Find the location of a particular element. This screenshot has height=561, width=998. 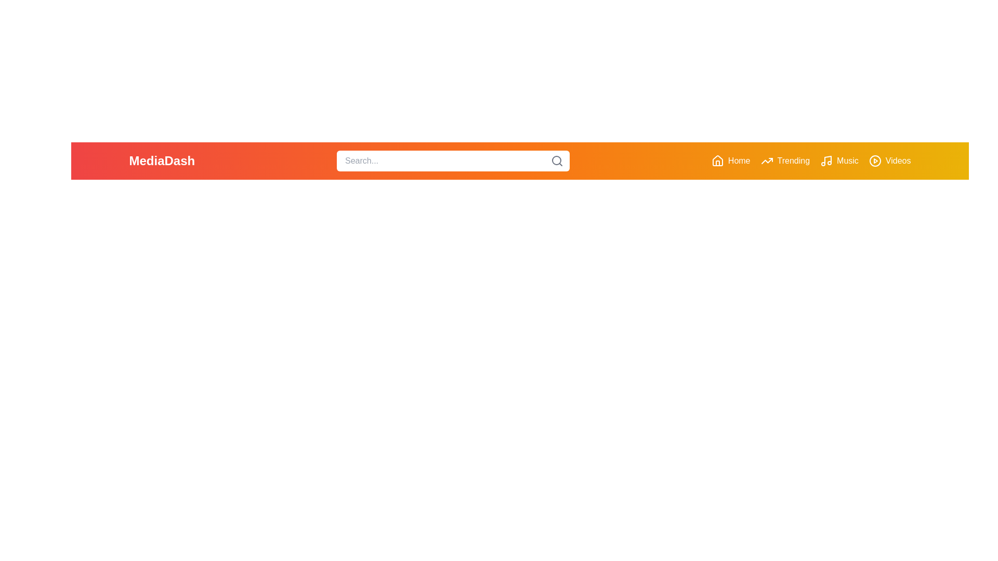

the Videos button in the navigation bar is located at coordinates (889, 161).